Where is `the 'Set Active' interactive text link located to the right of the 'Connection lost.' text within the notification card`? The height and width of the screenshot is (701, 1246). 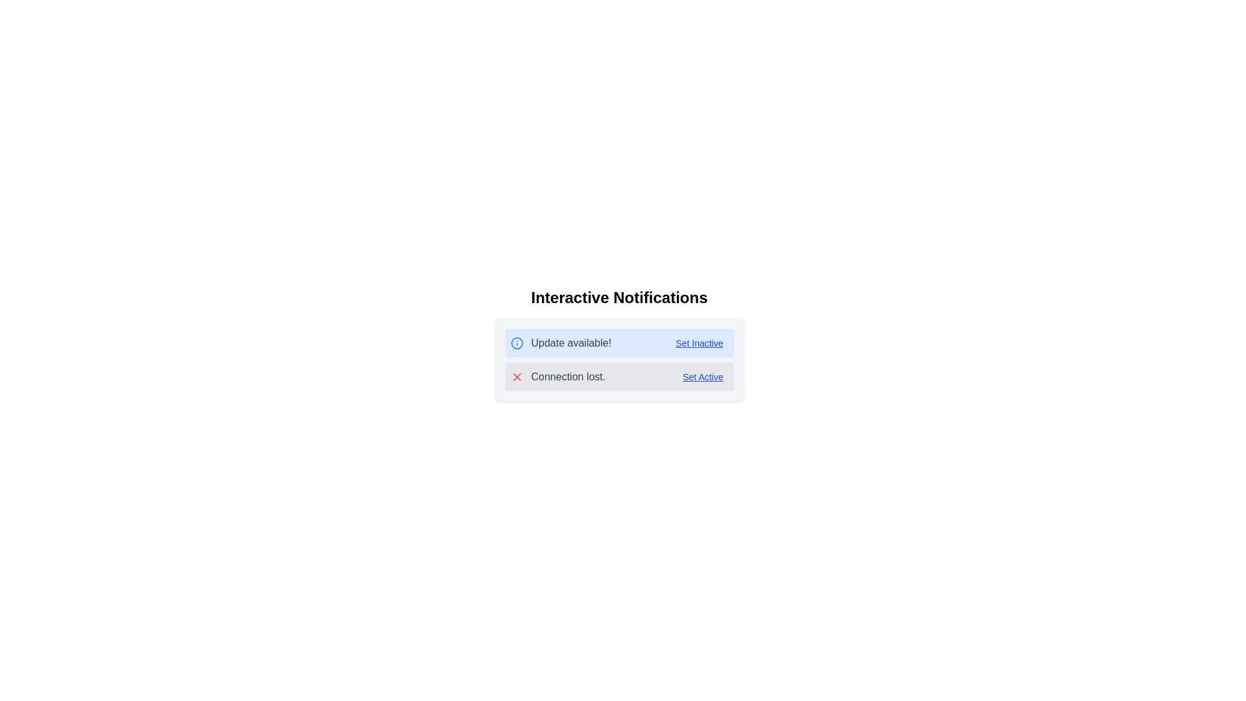
the 'Set Active' interactive text link located to the right of the 'Connection lost.' text within the notification card is located at coordinates (702, 377).